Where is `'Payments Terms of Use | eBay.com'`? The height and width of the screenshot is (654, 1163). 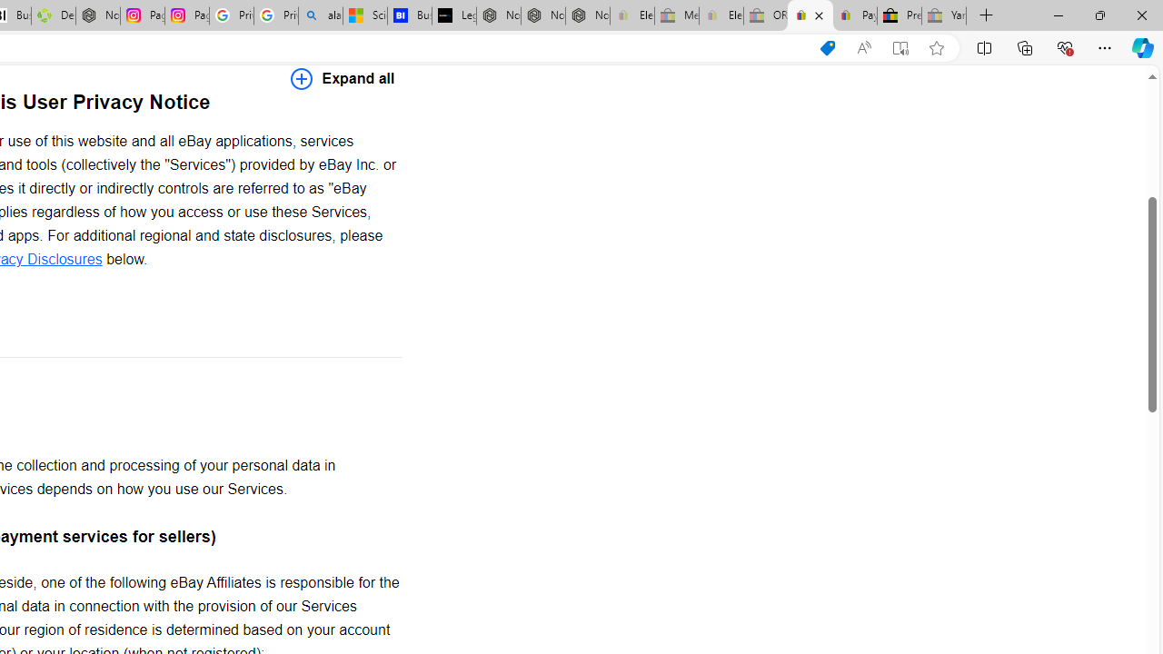 'Payments Terms of Use | eBay.com' is located at coordinates (853, 15).